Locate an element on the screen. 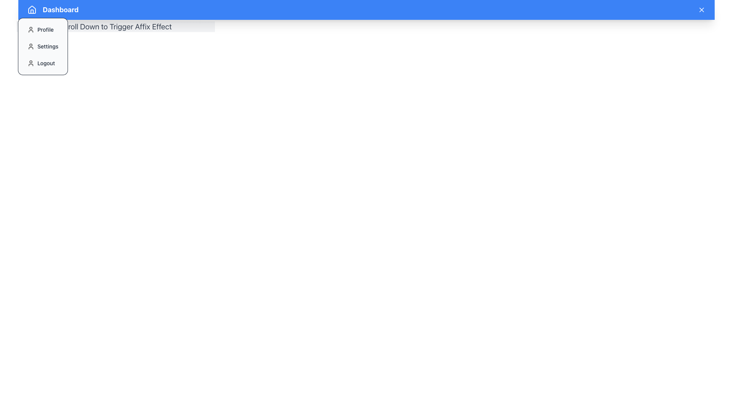 The image size is (733, 412). the first text label in the dropdown menu under 'Profile' is located at coordinates (45, 29).